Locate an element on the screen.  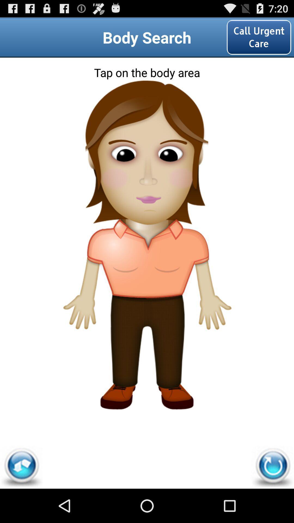
tap on the eye of the character is located at coordinates (146, 146).